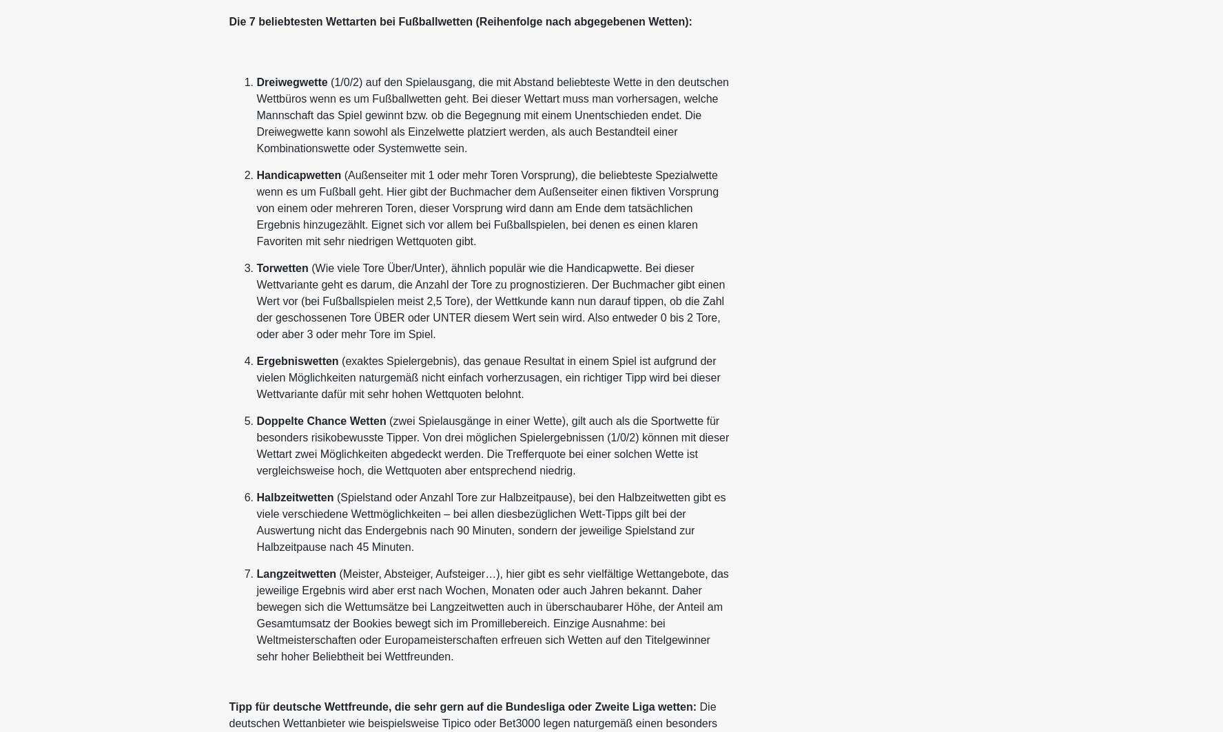  What do you see at coordinates (297, 361) in the screenshot?
I see `'Ergebniswetten'` at bounding box center [297, 361].